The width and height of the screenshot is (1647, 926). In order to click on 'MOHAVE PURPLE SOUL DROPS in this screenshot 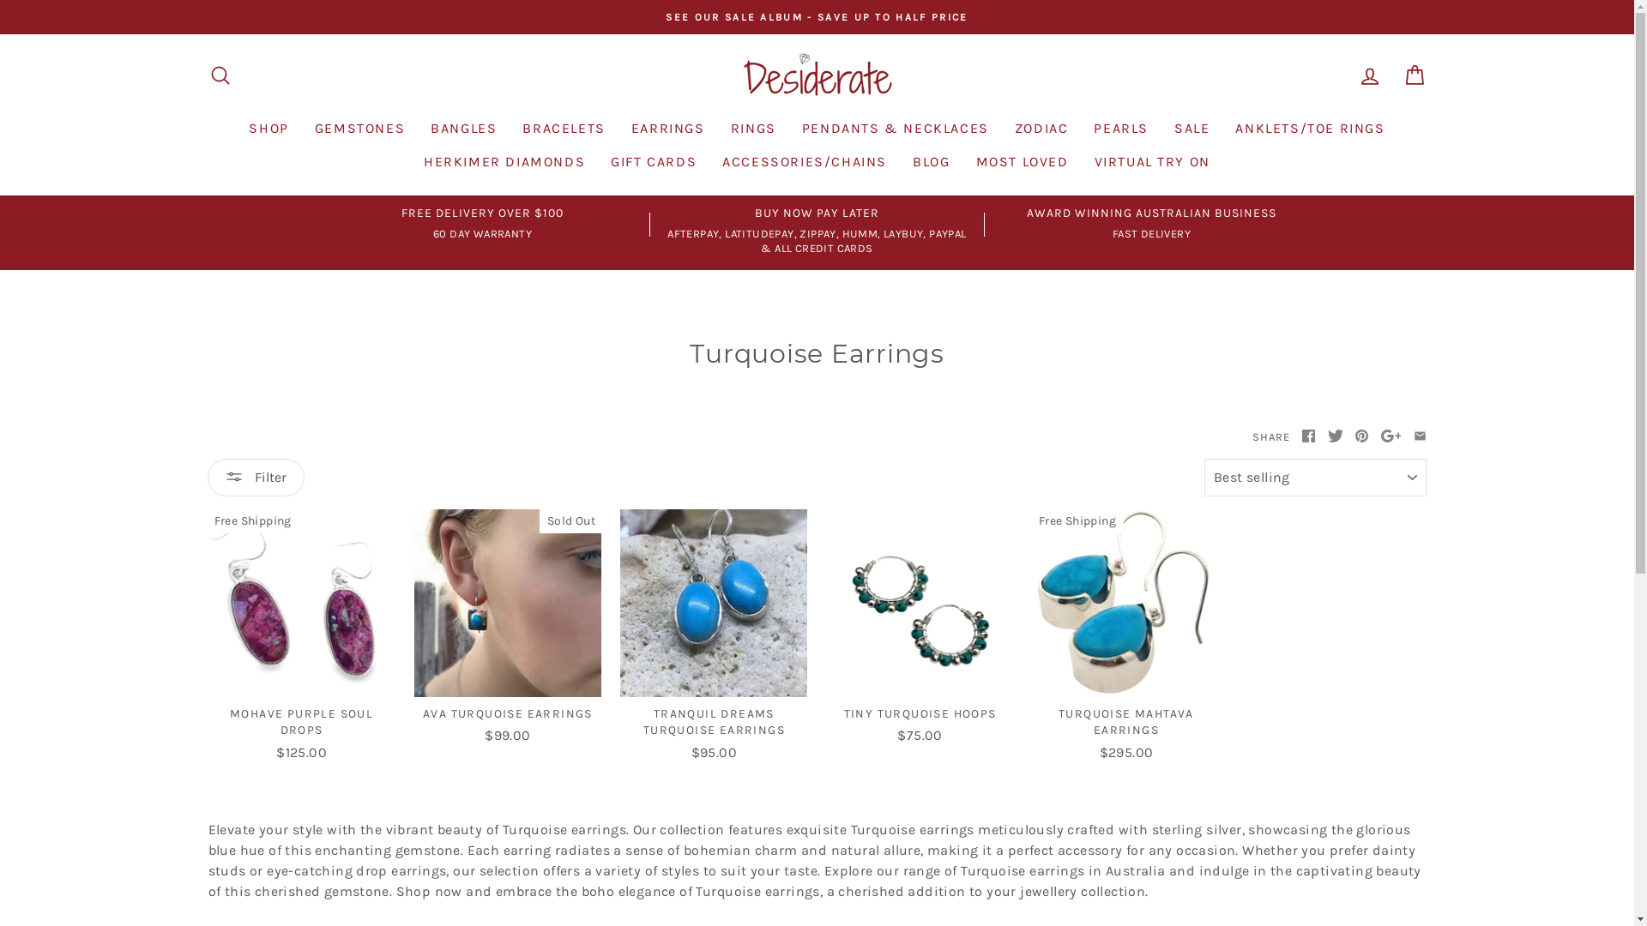, I will do `click(300, 638)`.